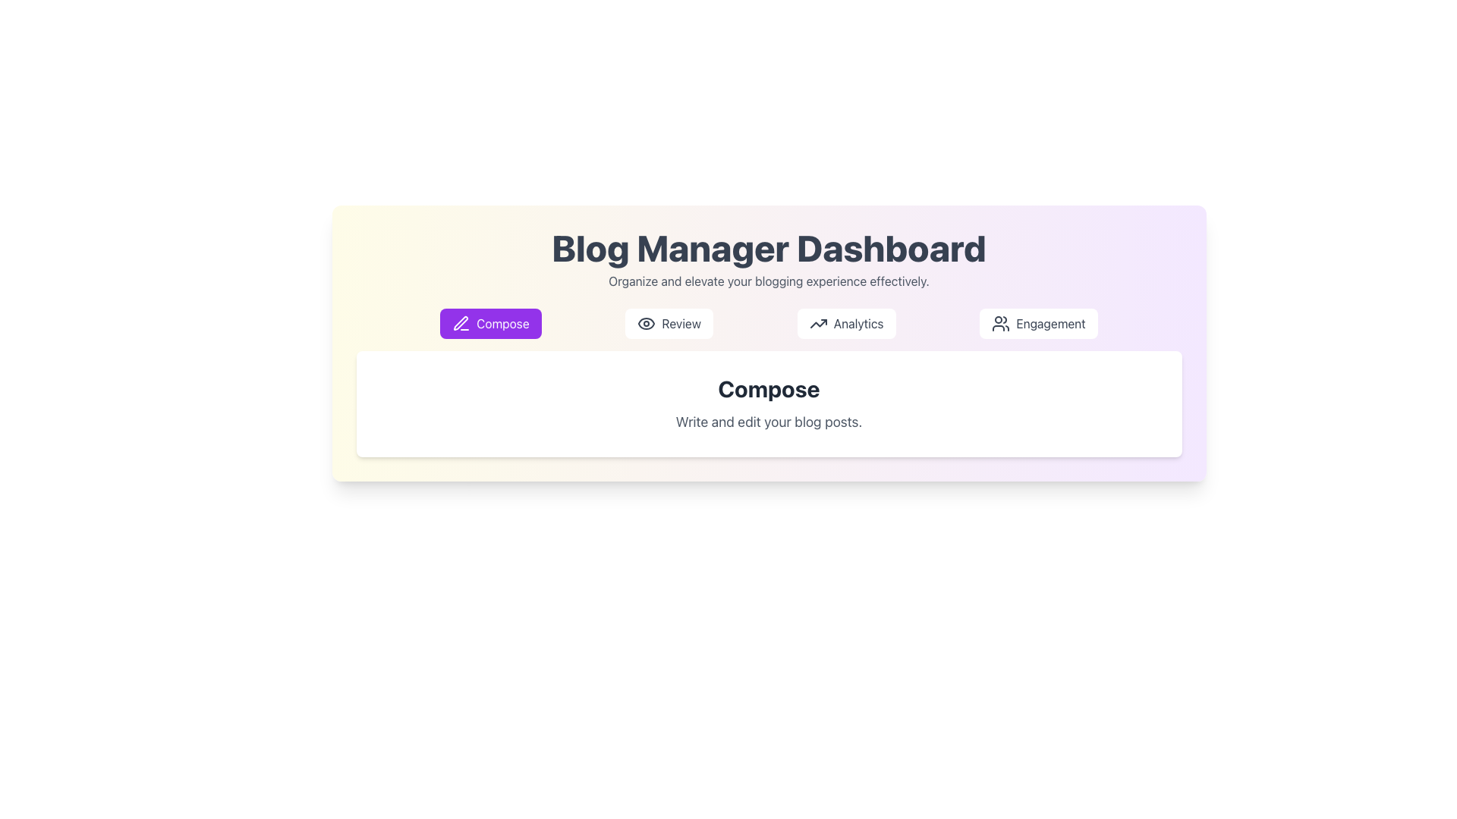 The image size is (1457, 819). Describe the element at coordinates (460, 322) in the screenshot. I see `the Compose icon in the toolbar` at that location.